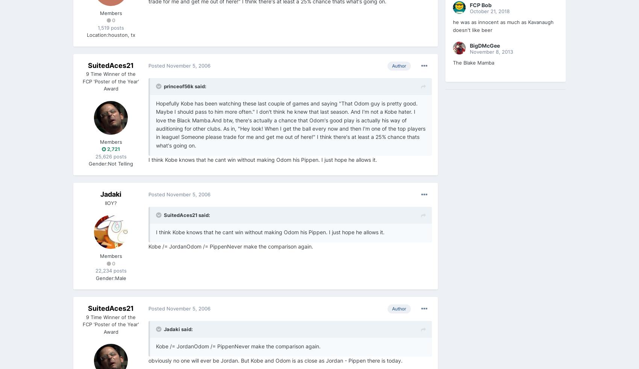 Image resolution: width=639 pixels, height=369 pixels. I want to click on '25,626 posts', so click(111, 156).